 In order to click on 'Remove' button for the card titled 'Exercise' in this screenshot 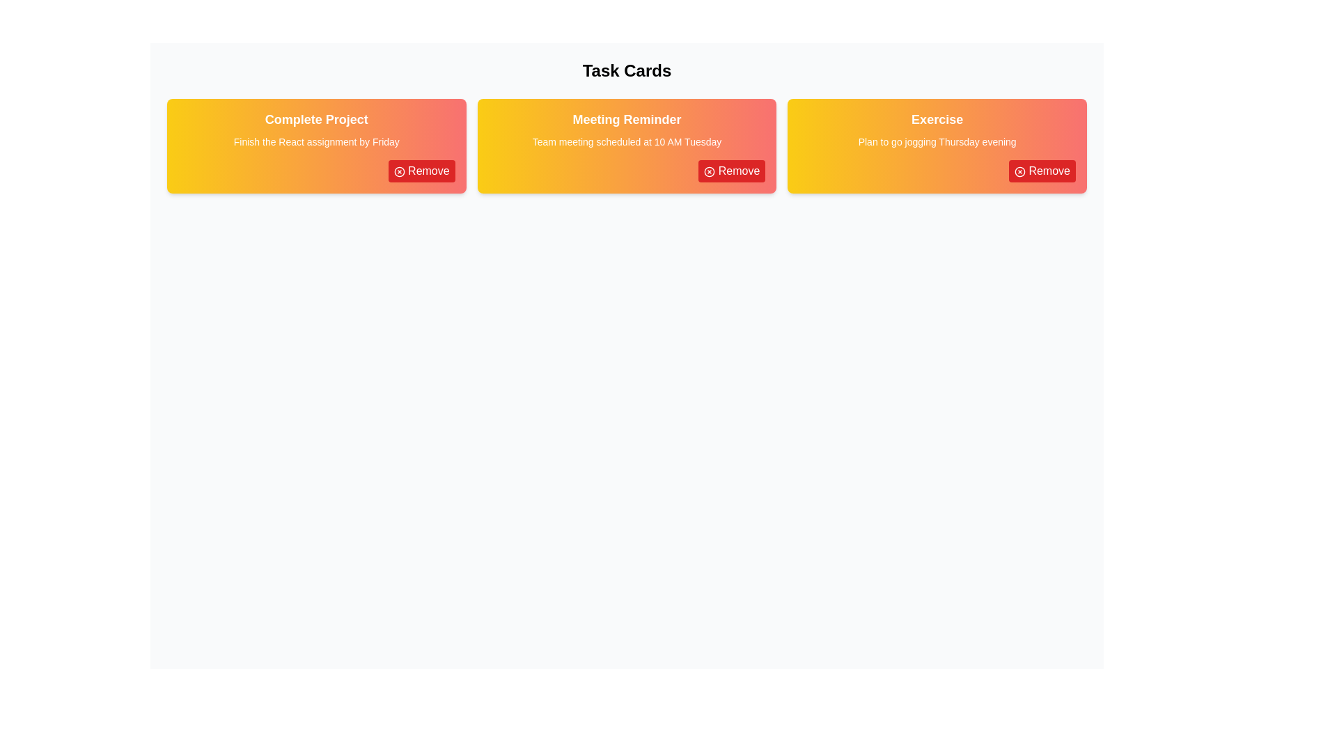, I will do `click(1042, 171)`.